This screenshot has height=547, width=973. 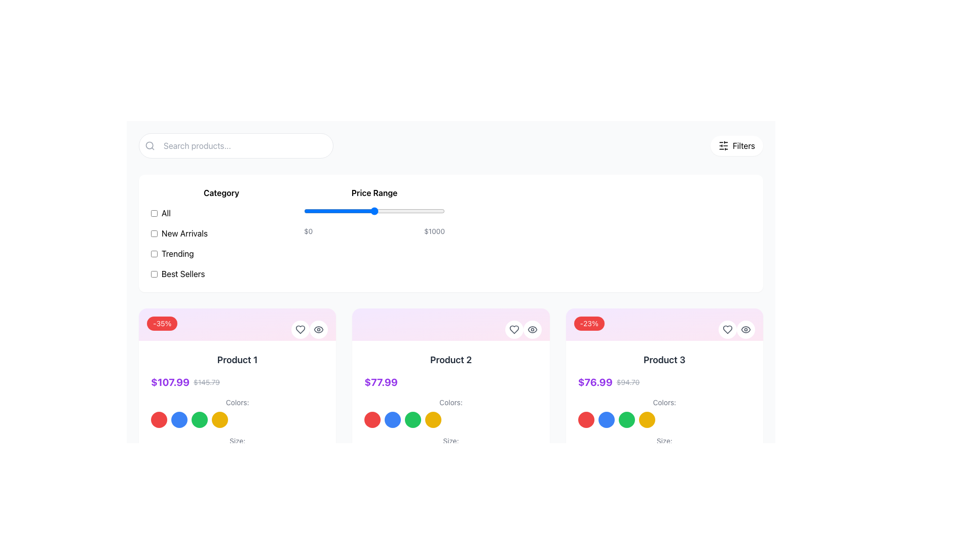 I want to click on the heart icon button located at the top-right of the first product card to favorite the item, so click(x=300, y=330).